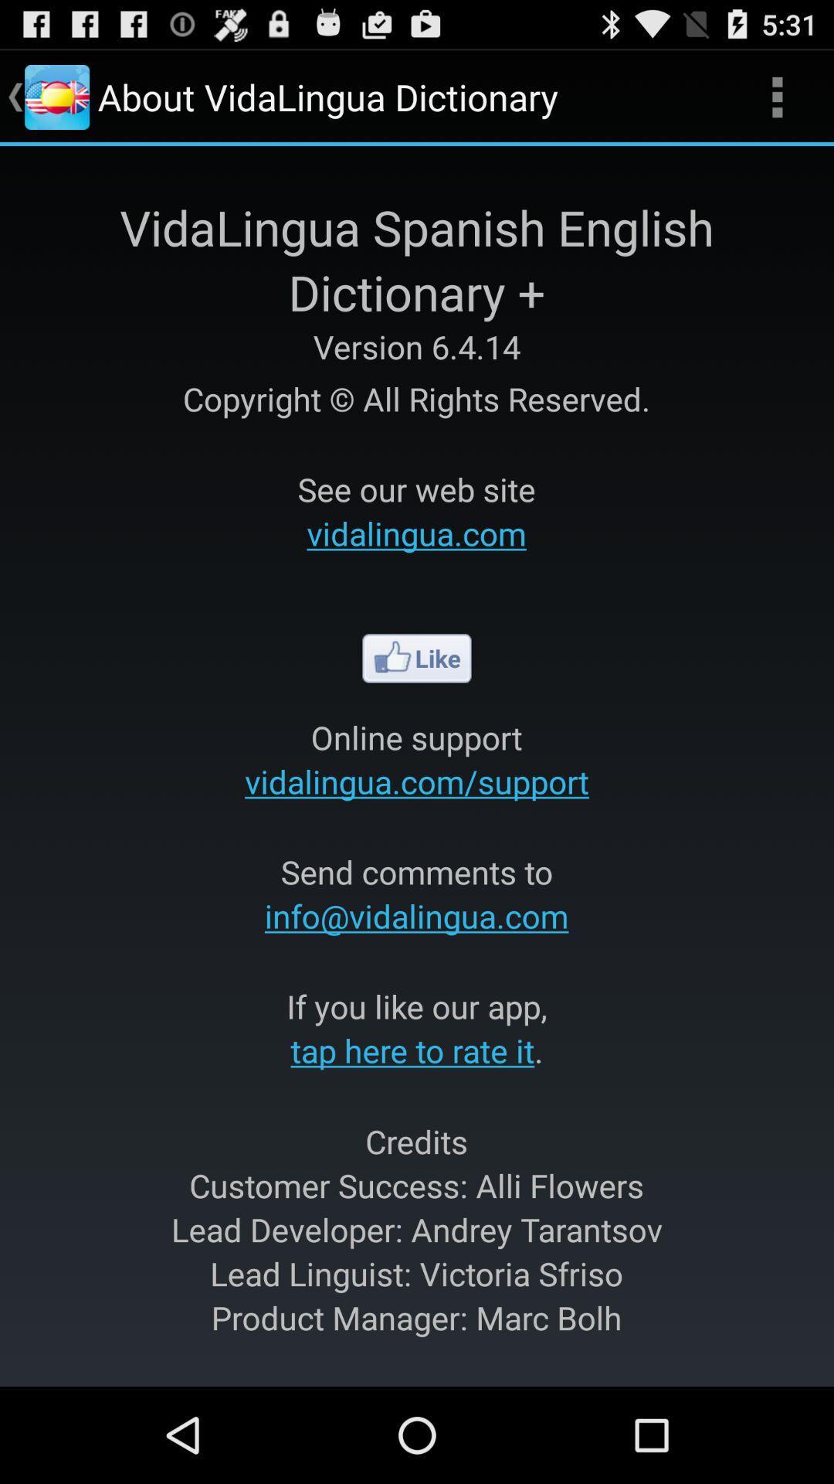  Describe the element at coordinates (777, 96) in the screenshot. I see `item above vidalingua spanish english app` at that location.